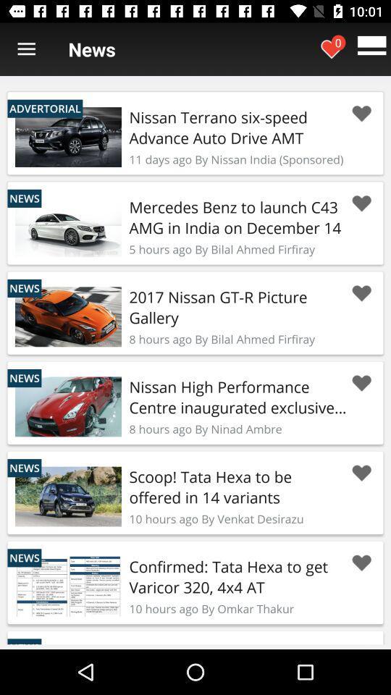 This screenshot has height=695, width=391. What do you see at coordinates (361, 113) in the screenshot?
I see `favorite` at bounding box center [361, 113].